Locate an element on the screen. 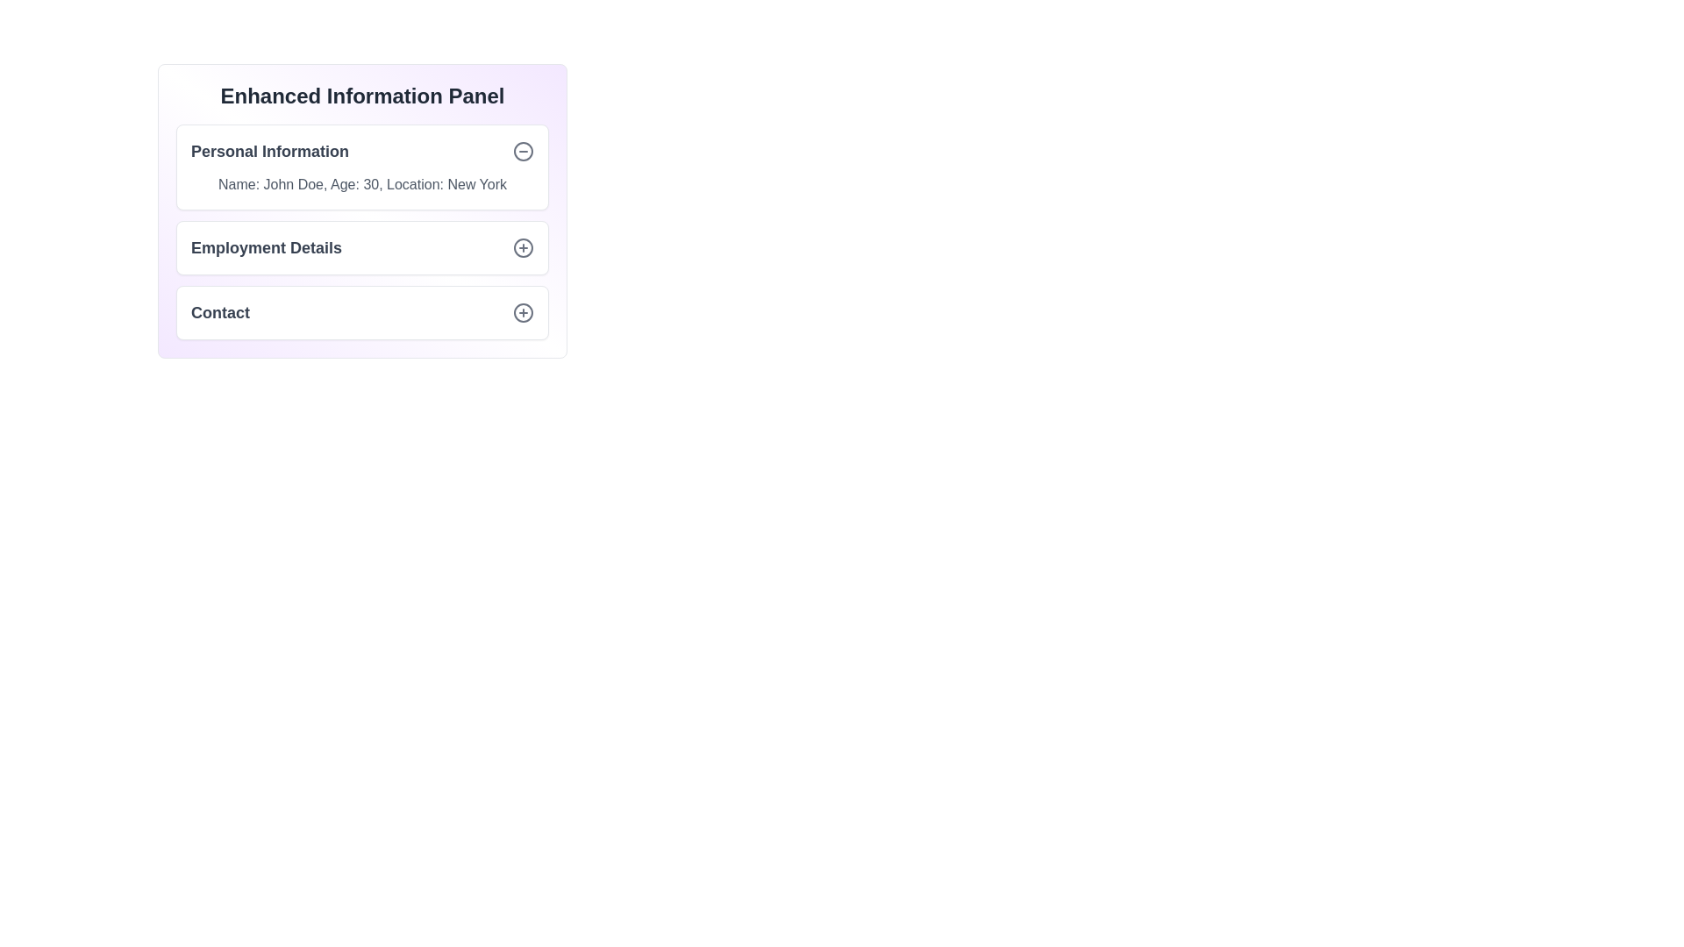 Image resolution: width=1684 pixels, height=947 pixels. the circular icon button with a plus symbol is located at coordinates (522, 247).